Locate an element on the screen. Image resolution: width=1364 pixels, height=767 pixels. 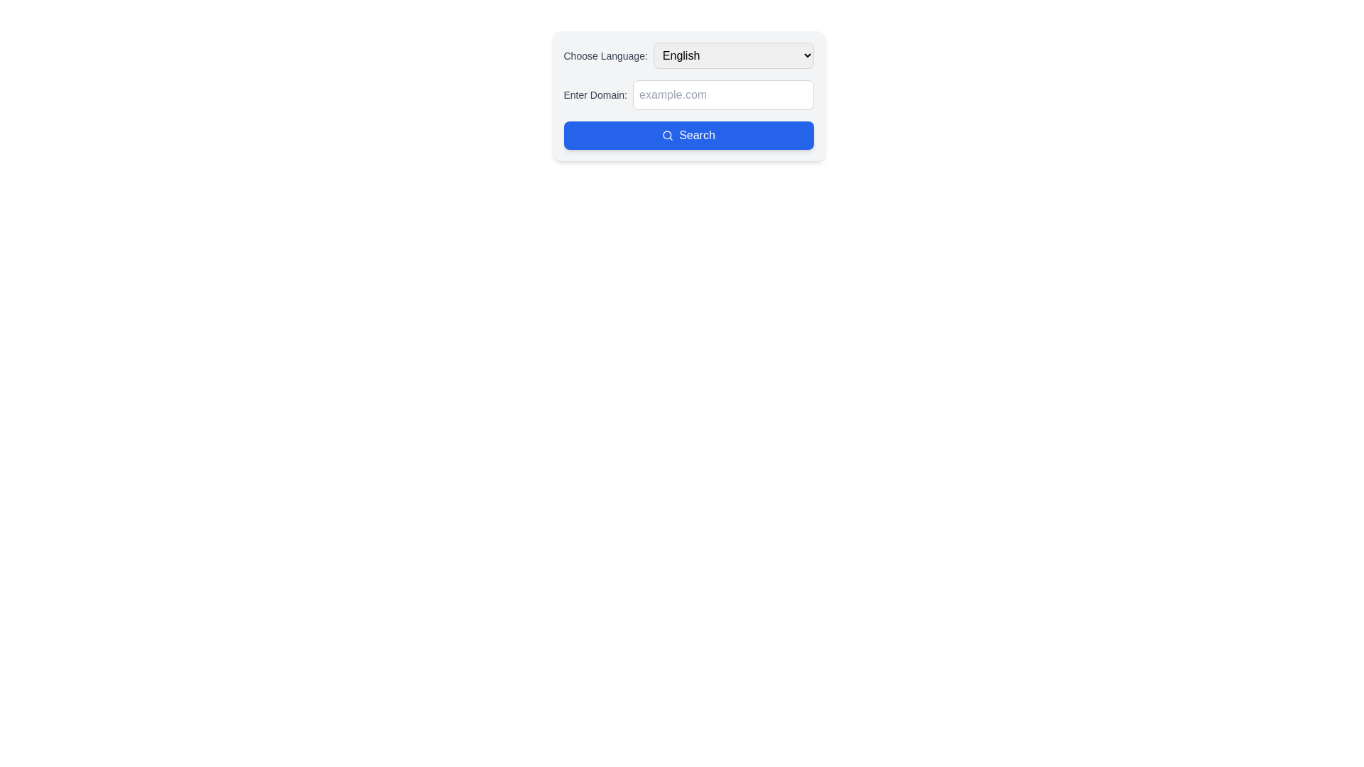
the Text Label that indicates the language selection for context about the input field's purpose is located at coordinates (605, 55).